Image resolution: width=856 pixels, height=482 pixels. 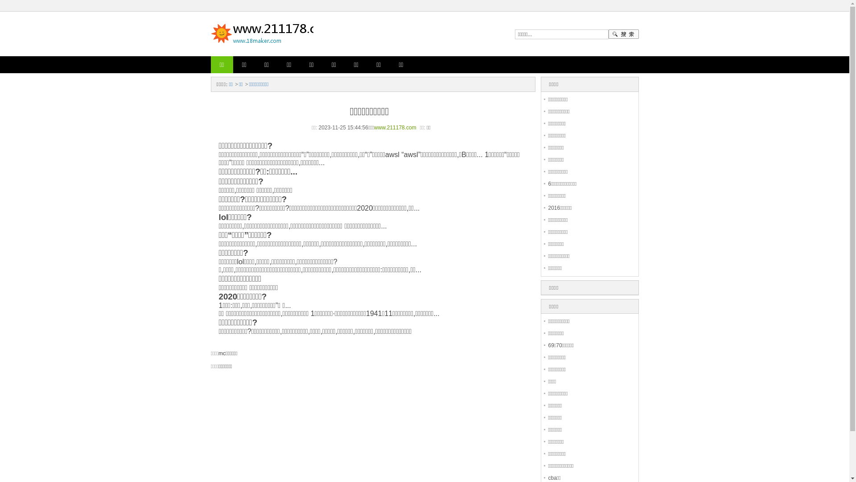 What do you see at coordinates (374, 127) in the screenshot?
I see `'www.211178.com'` at bounding box center [374, 127].